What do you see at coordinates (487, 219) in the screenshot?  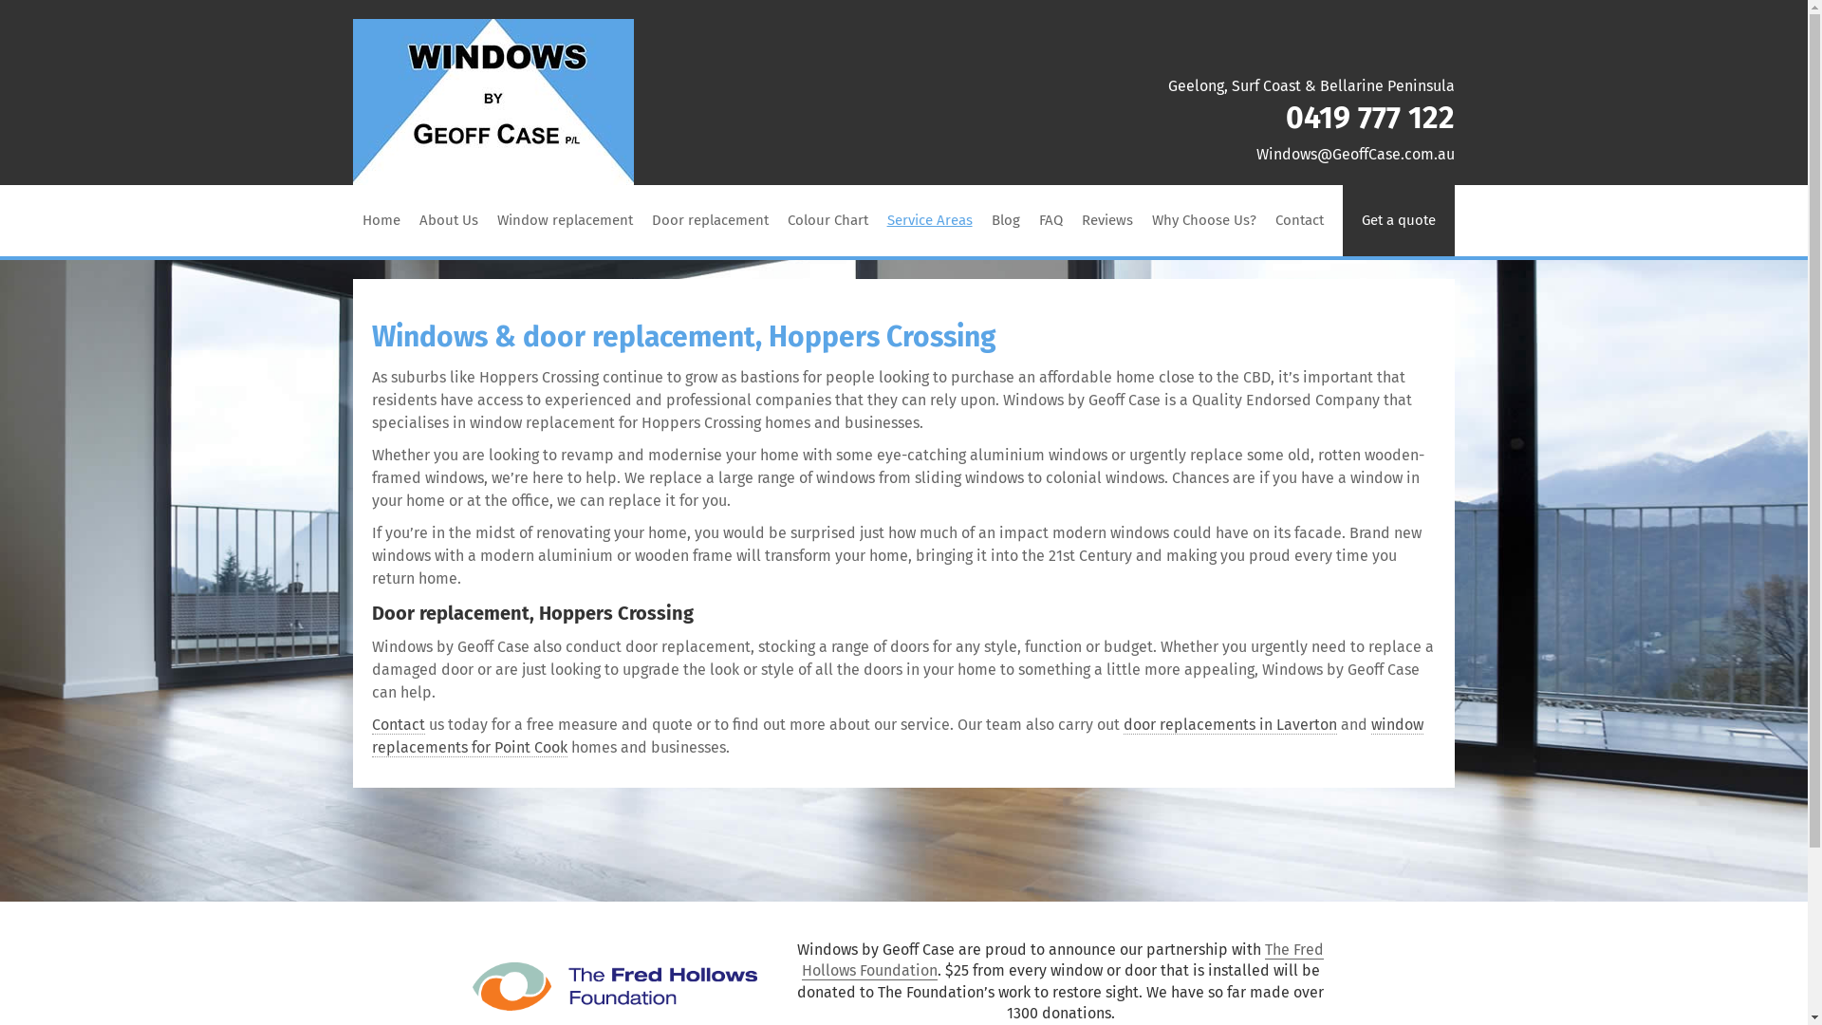 I see `'Window replacement'` at bounding box center [487, 219].